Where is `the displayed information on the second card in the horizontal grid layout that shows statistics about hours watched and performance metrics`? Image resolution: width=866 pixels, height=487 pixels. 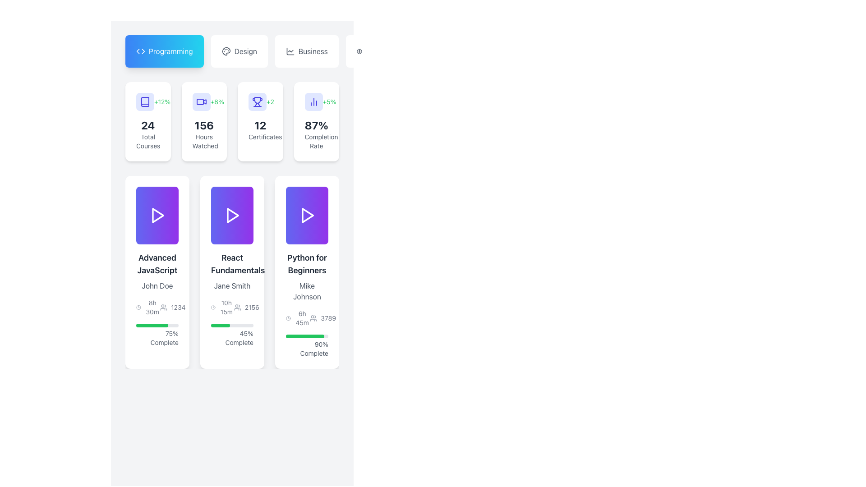
the displayed information on the second card in the horizontal grid layout that shows statistics about hours watched and performance metrics is located at coordinates (203, 122).